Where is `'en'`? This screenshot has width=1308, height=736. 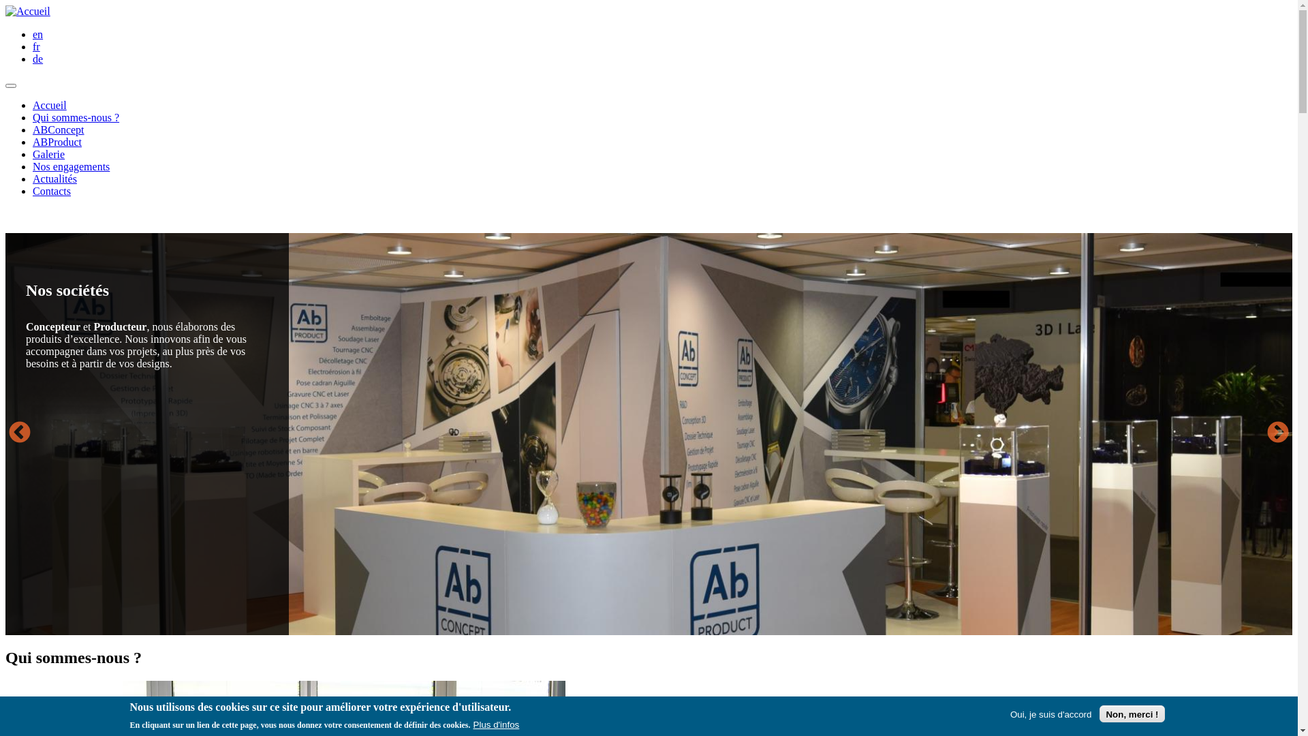
'en' is located at coordinates (33, 33).